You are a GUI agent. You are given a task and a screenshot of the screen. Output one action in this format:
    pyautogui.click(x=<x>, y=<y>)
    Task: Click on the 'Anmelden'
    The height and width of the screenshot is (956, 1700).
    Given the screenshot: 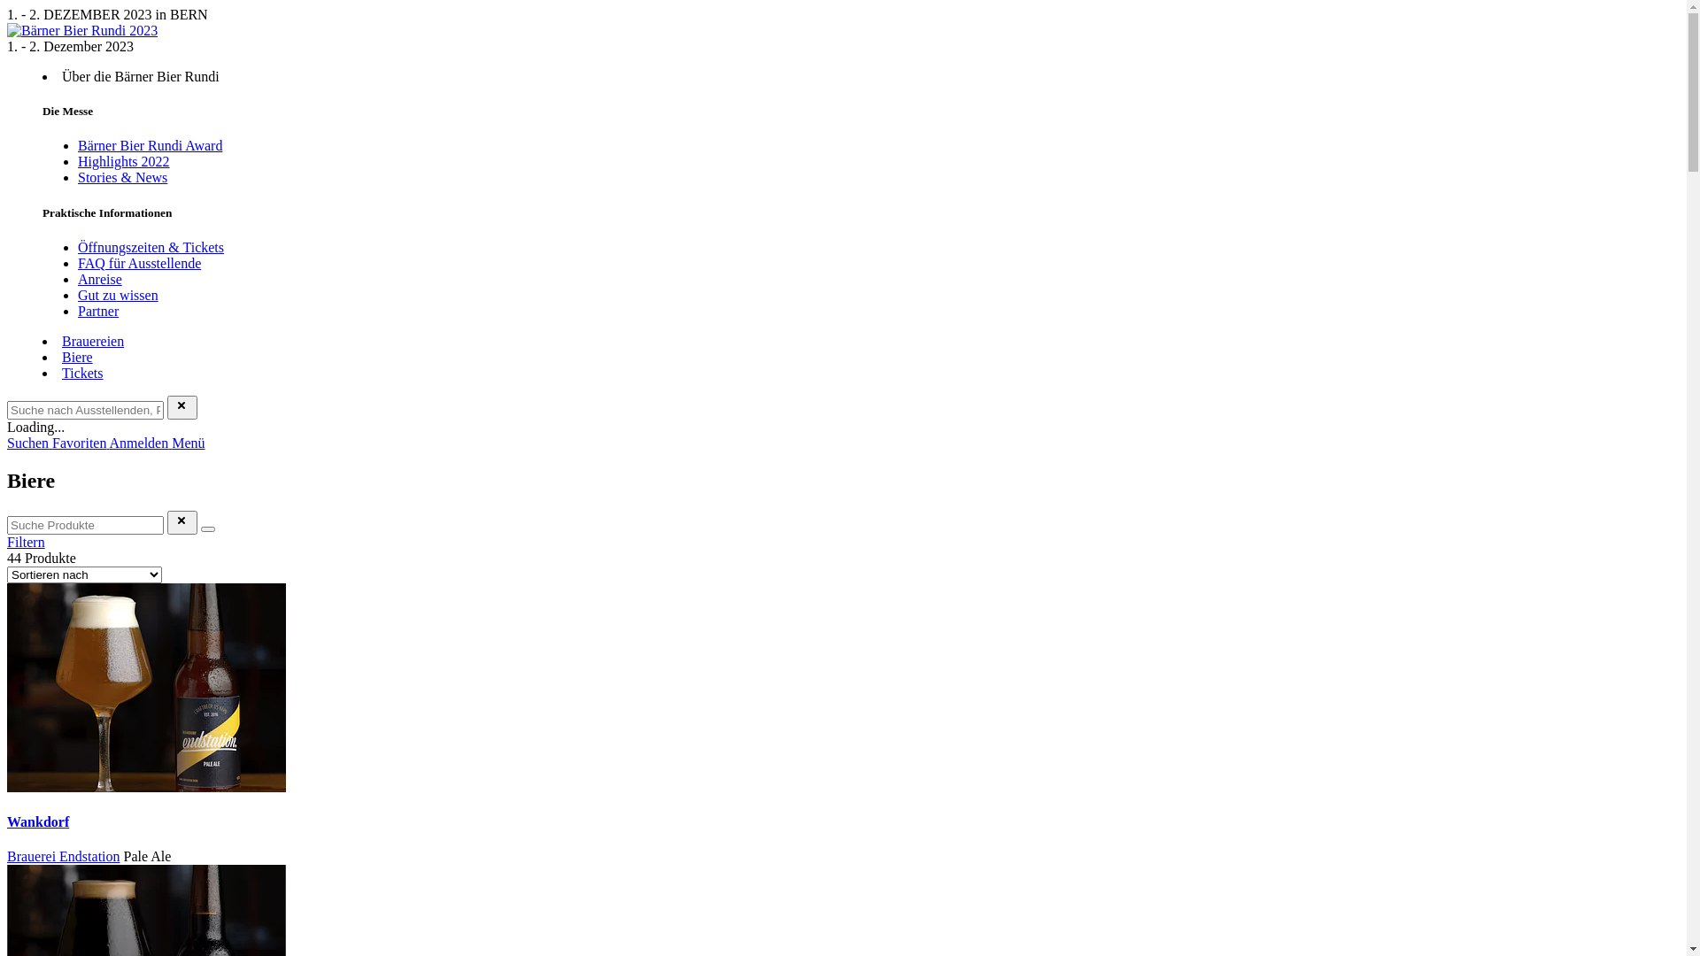 What is the action you would take?
    pyautogui.click(x=140, y=442)
    